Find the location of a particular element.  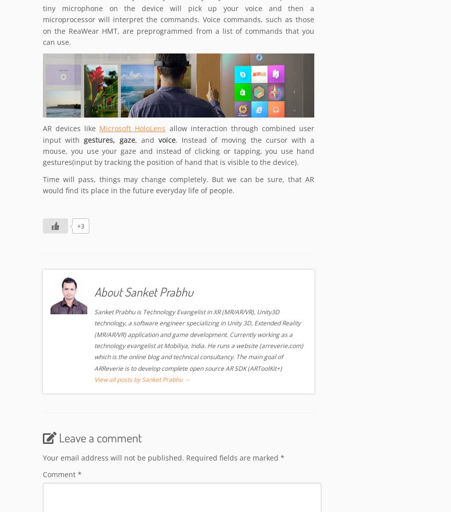

'About Sanket Prabhu' is located at coordinates (143, 292).